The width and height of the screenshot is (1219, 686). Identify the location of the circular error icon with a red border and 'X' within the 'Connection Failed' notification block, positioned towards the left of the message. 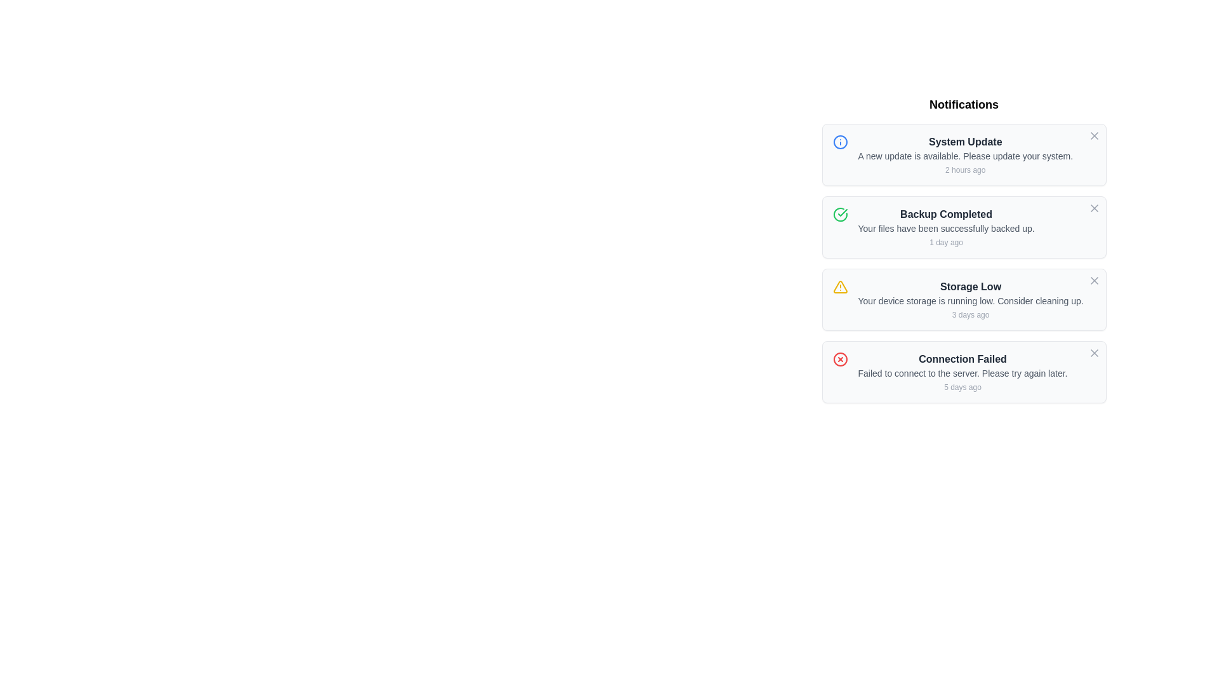
(840, 360).